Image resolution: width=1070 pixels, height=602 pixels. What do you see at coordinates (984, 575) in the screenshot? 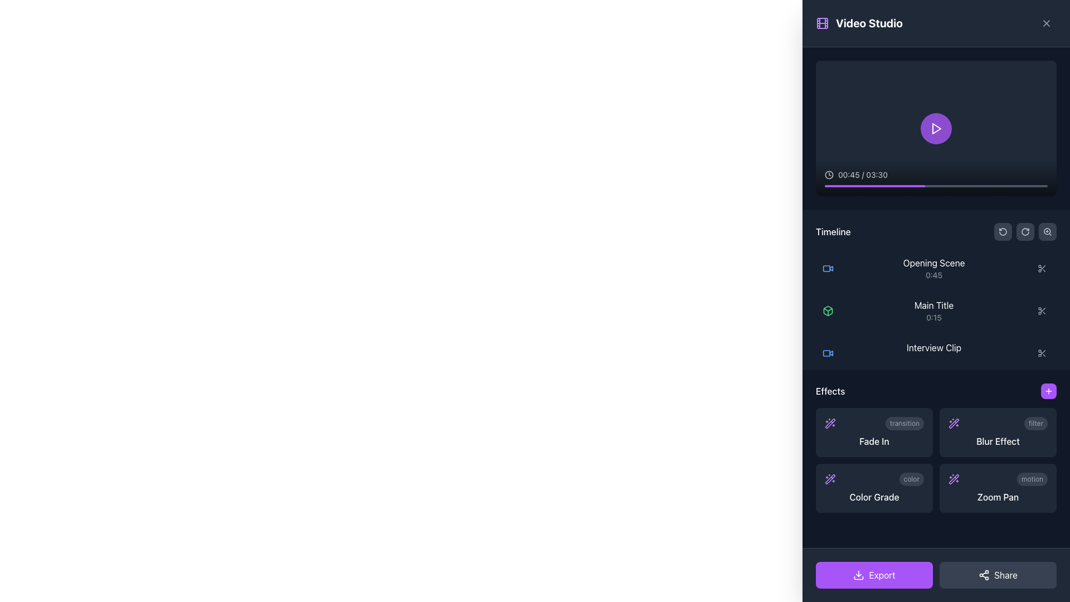
I see `the circular share icon` at bounding box center [984, 575].